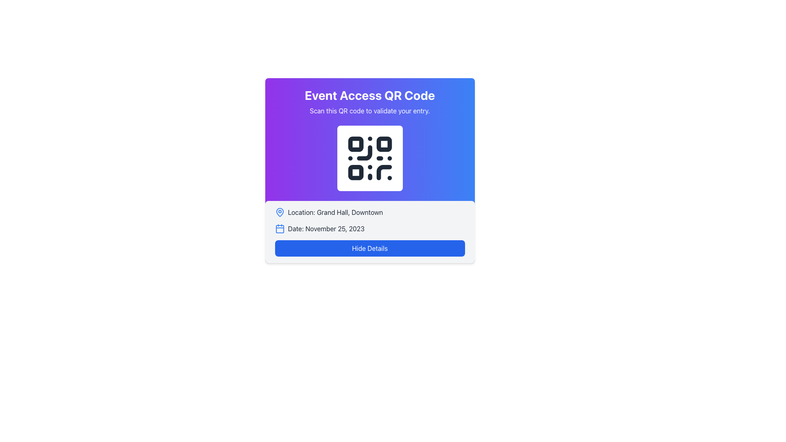 The height and width of the screenshot is (442, 786). Describe the element at coordinates (325, 229) in the screenshot. I see `the static text label that provides the date associated with the event, located below a QR code and to the right of a blue calendar icon` at that location.